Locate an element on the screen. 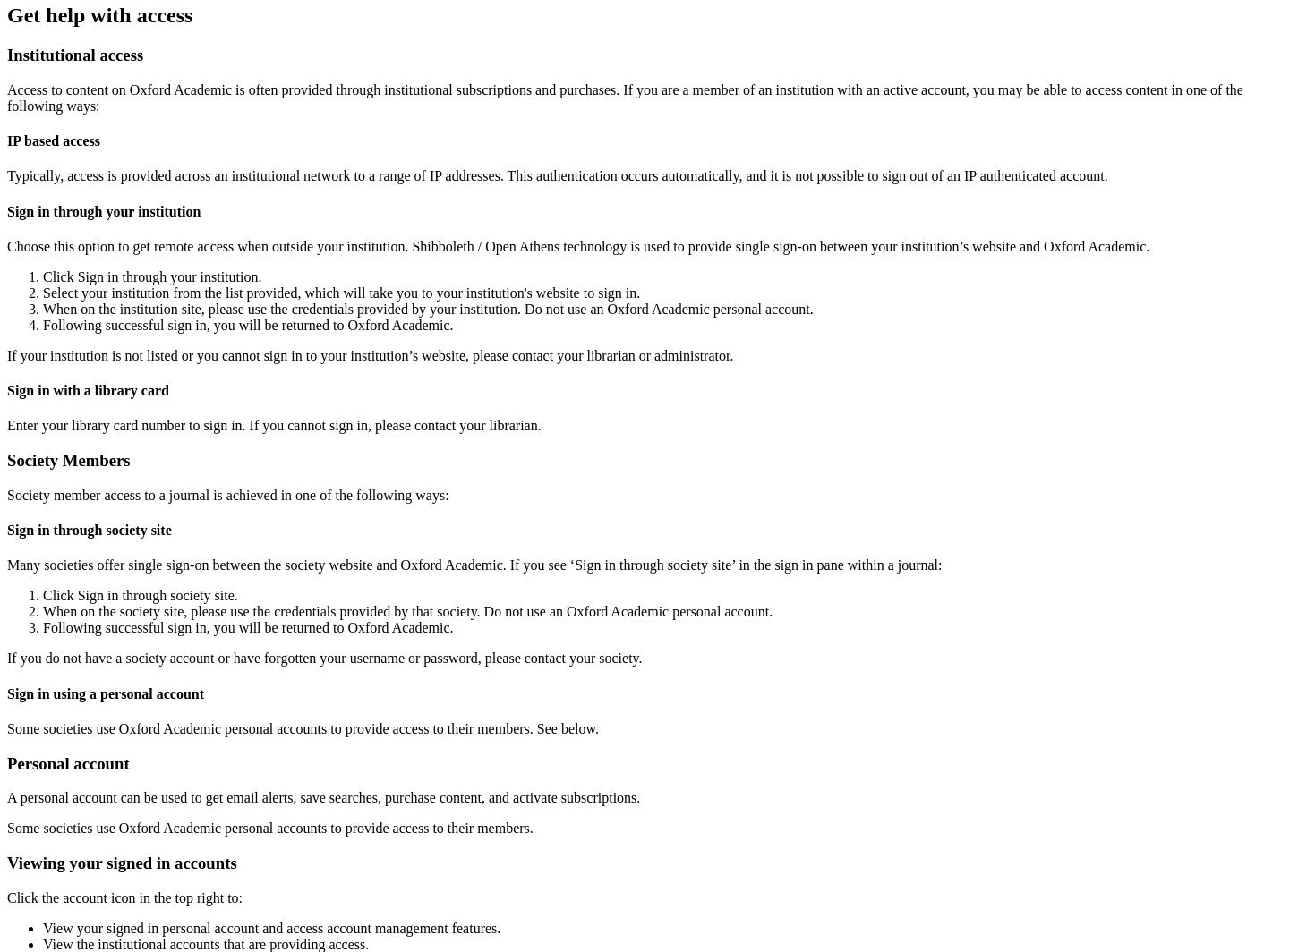  'If your institution is not listed or you cannot sign in to your institution’s website, please contact your librarian or administrator.' is located at coordinates (369, 354).